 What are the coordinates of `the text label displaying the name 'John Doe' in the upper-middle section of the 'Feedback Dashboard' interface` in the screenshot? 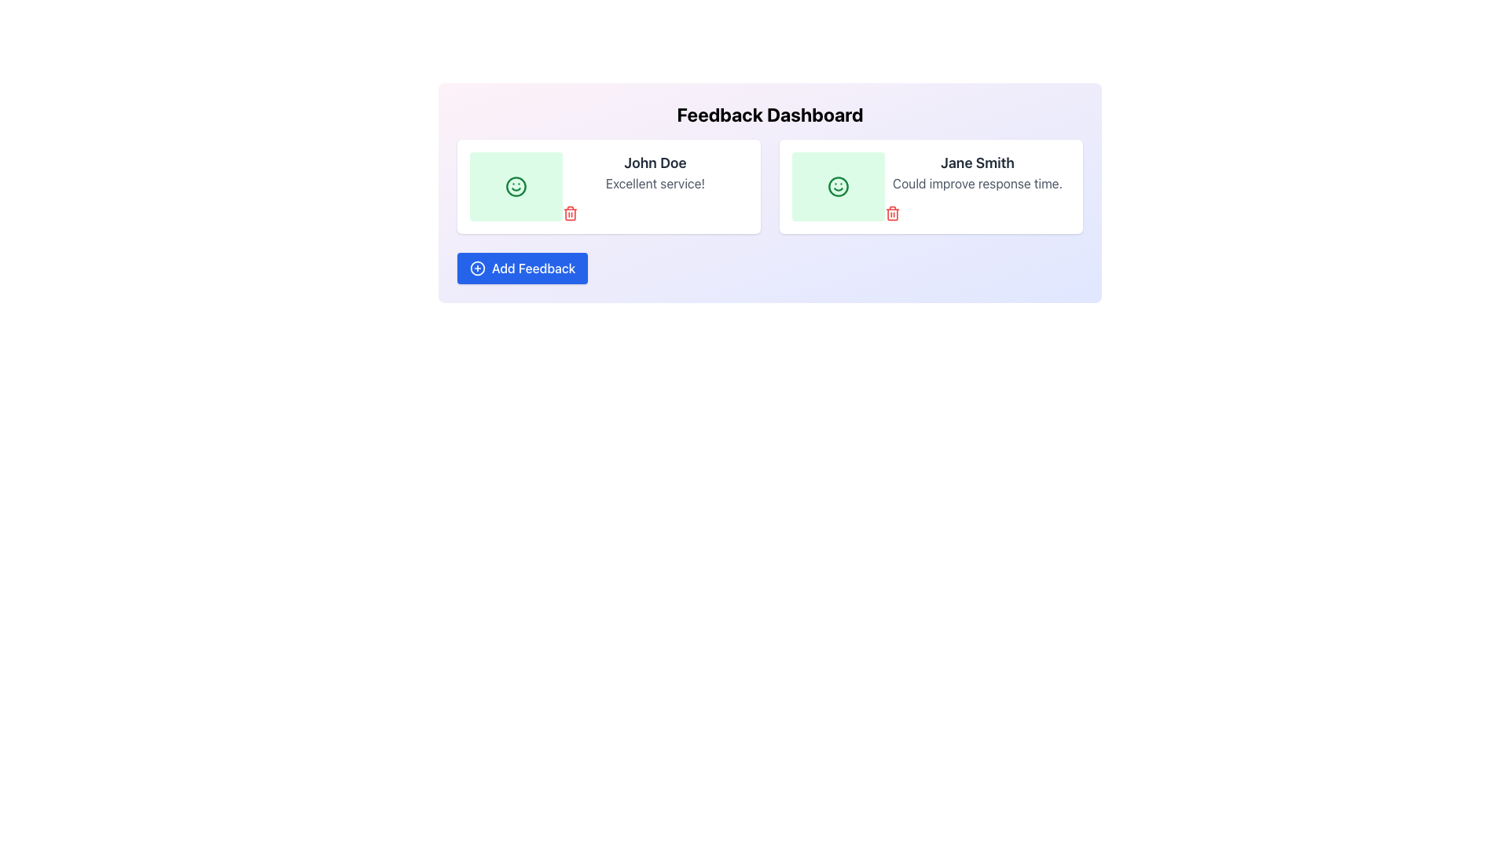 It's located at (655, 163).